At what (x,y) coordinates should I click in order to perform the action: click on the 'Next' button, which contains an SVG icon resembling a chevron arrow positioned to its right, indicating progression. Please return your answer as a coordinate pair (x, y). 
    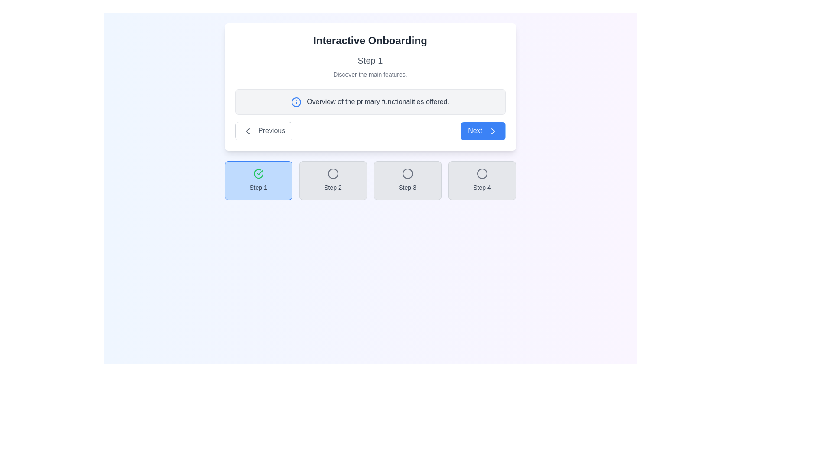
    Looking at the image, I should click on (493, 131).